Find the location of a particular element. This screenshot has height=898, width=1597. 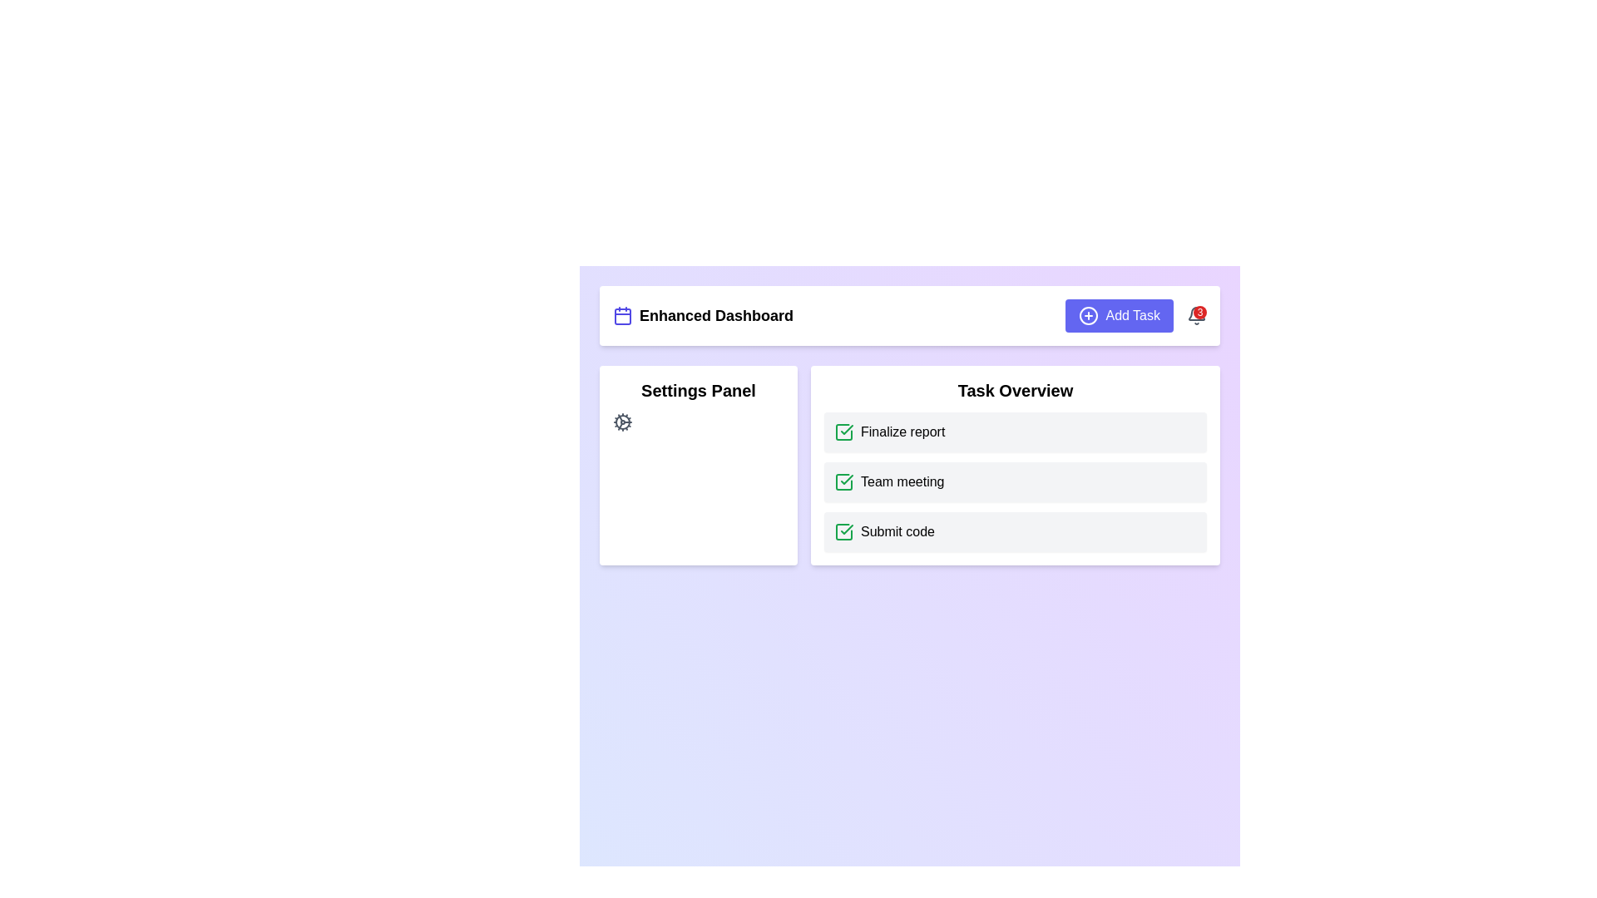

on the completed task status icon located within the 'Finalize report' task card, positioned is located at coordinates (843, 432).